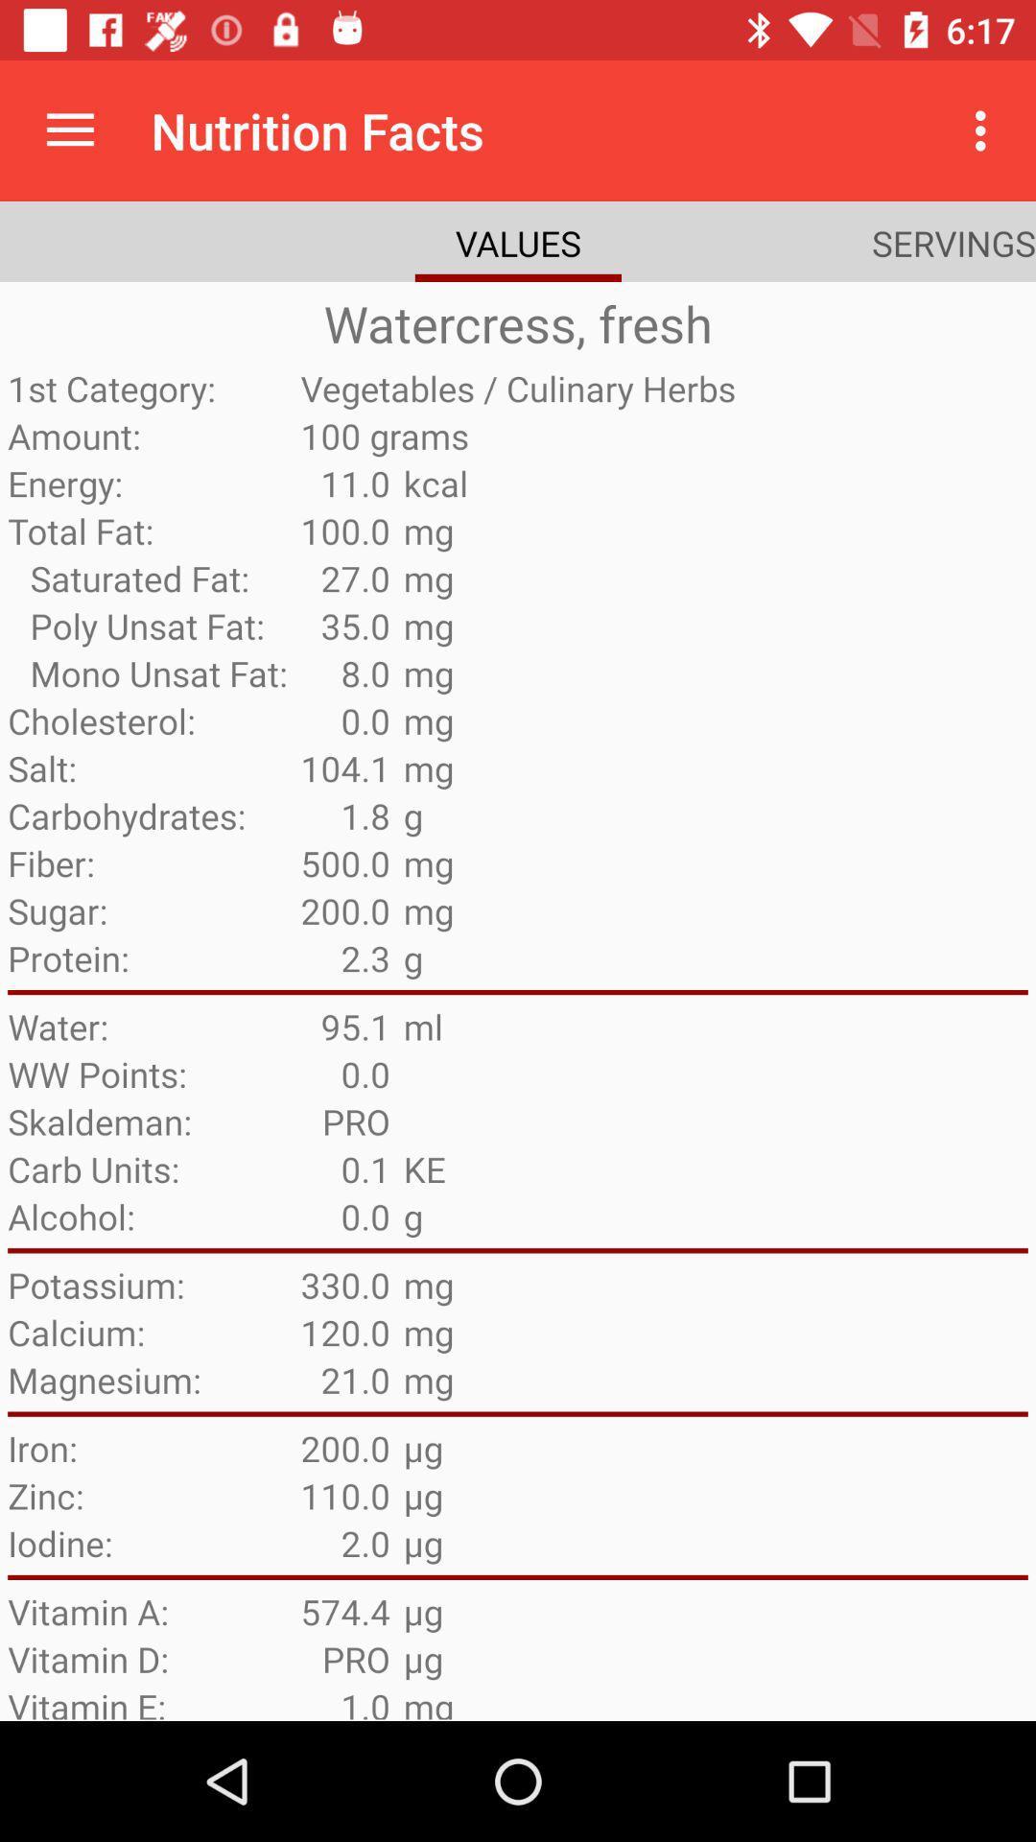  I want to click on the icon above the watercress, fresh, so click(69, 130).